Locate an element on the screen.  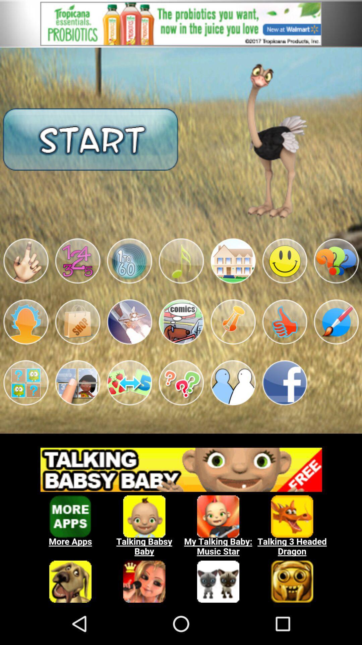
the avatar icon is located at coordinates (25, 344).